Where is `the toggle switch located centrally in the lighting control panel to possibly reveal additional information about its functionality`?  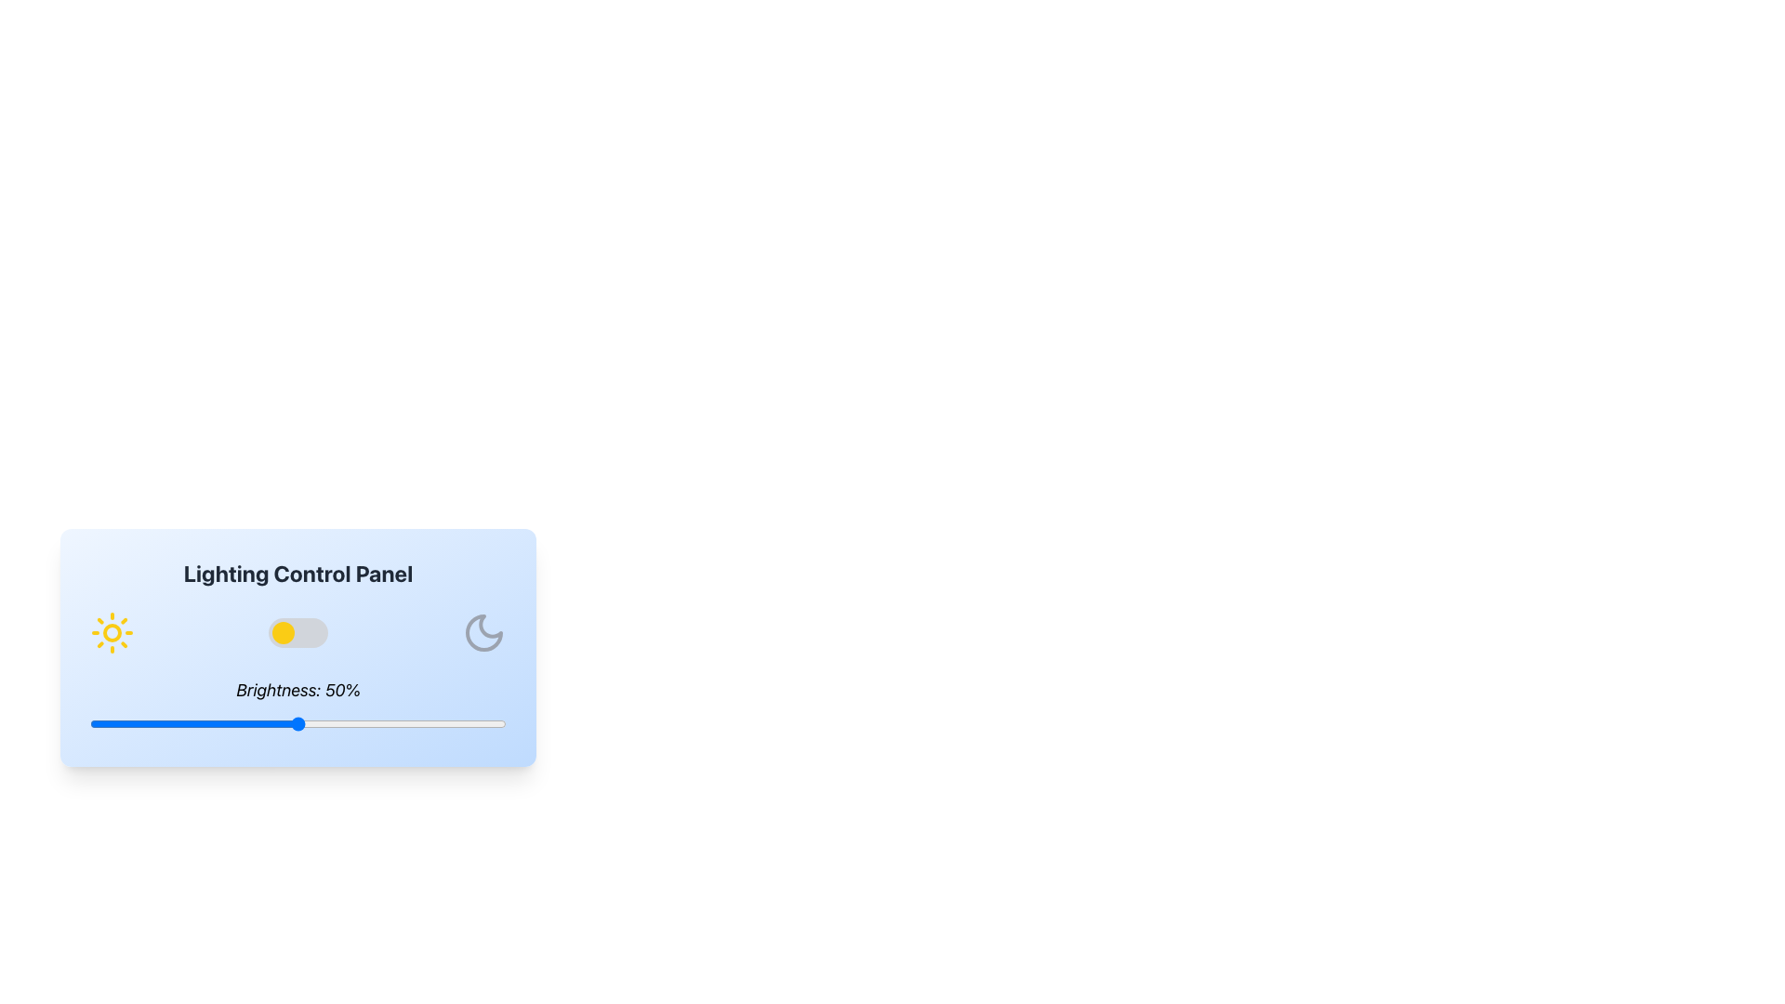 the toggle switch located centrally in the lighting control panel to possibly reveal additional information about its functionality is located at coordinates (298, 632).